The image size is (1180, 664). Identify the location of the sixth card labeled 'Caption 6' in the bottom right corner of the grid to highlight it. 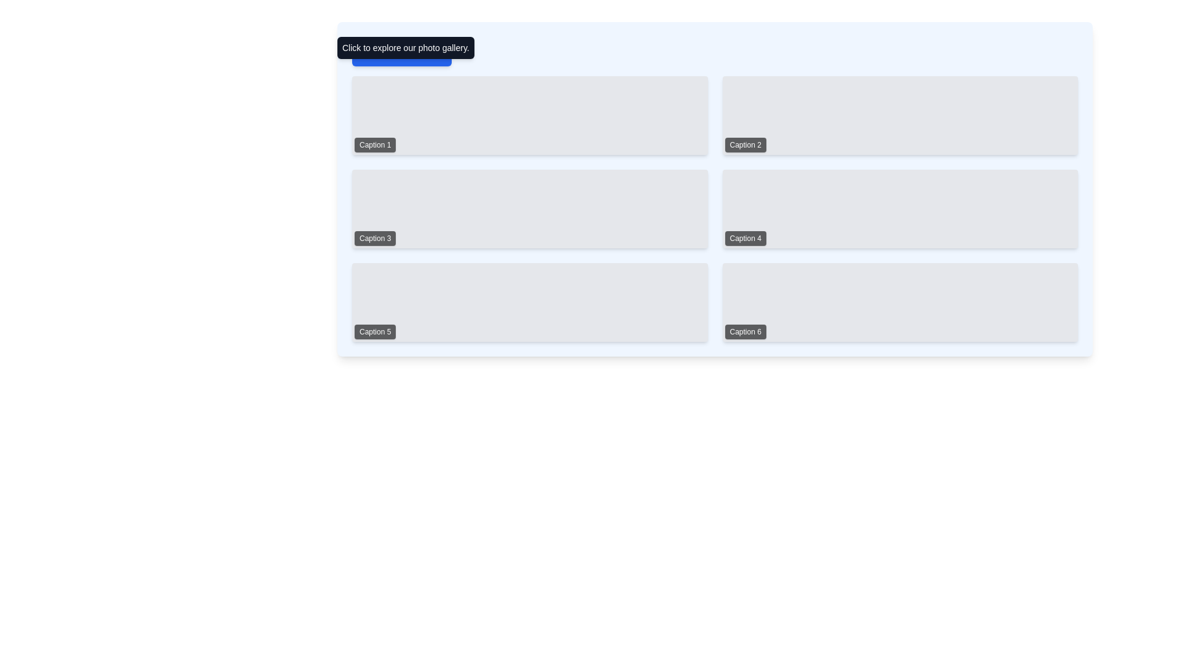
(900, 302).